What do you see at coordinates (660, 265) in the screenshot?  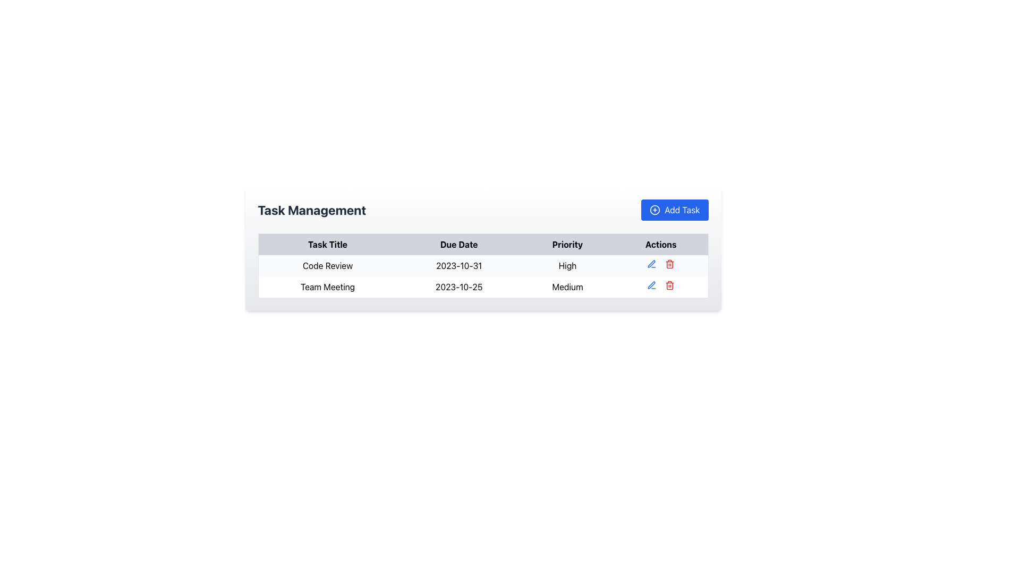 I see `the graphical separator or placeholder element located in the last column of the 'Actions' row within the 'Task Management' table` at bounding box center [660, 265].